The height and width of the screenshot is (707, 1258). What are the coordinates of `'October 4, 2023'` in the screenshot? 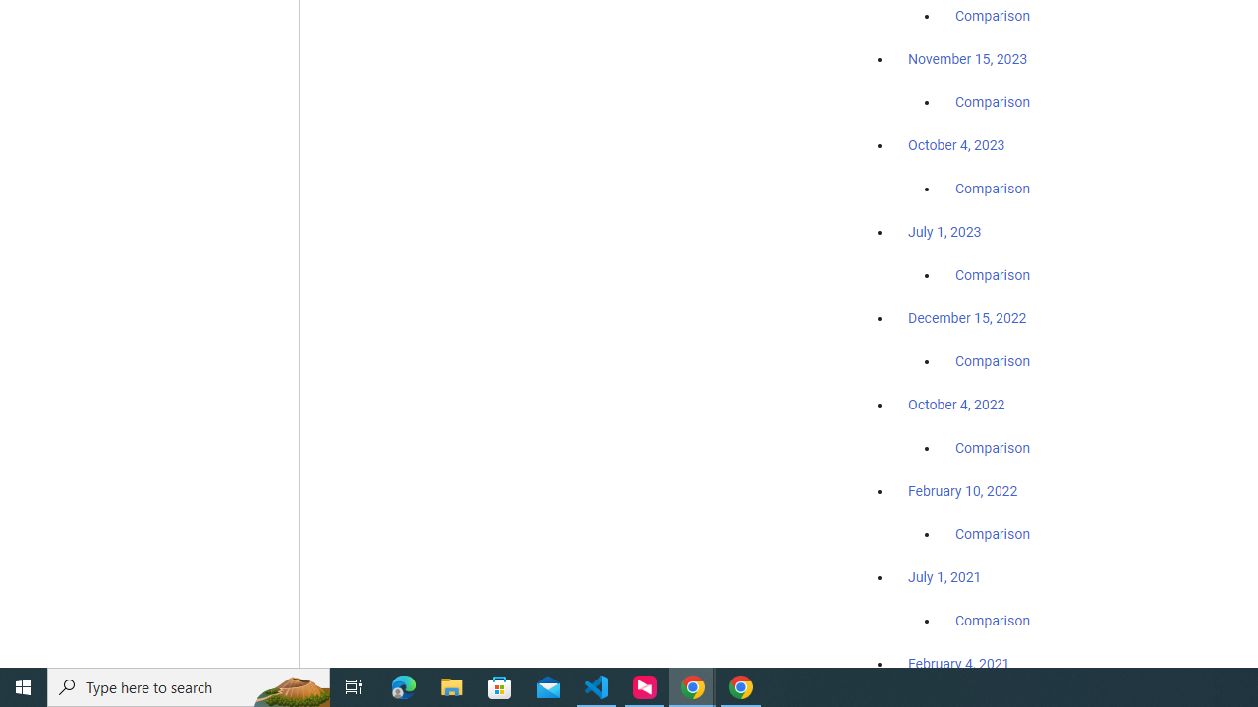 It's located at (956, 144).